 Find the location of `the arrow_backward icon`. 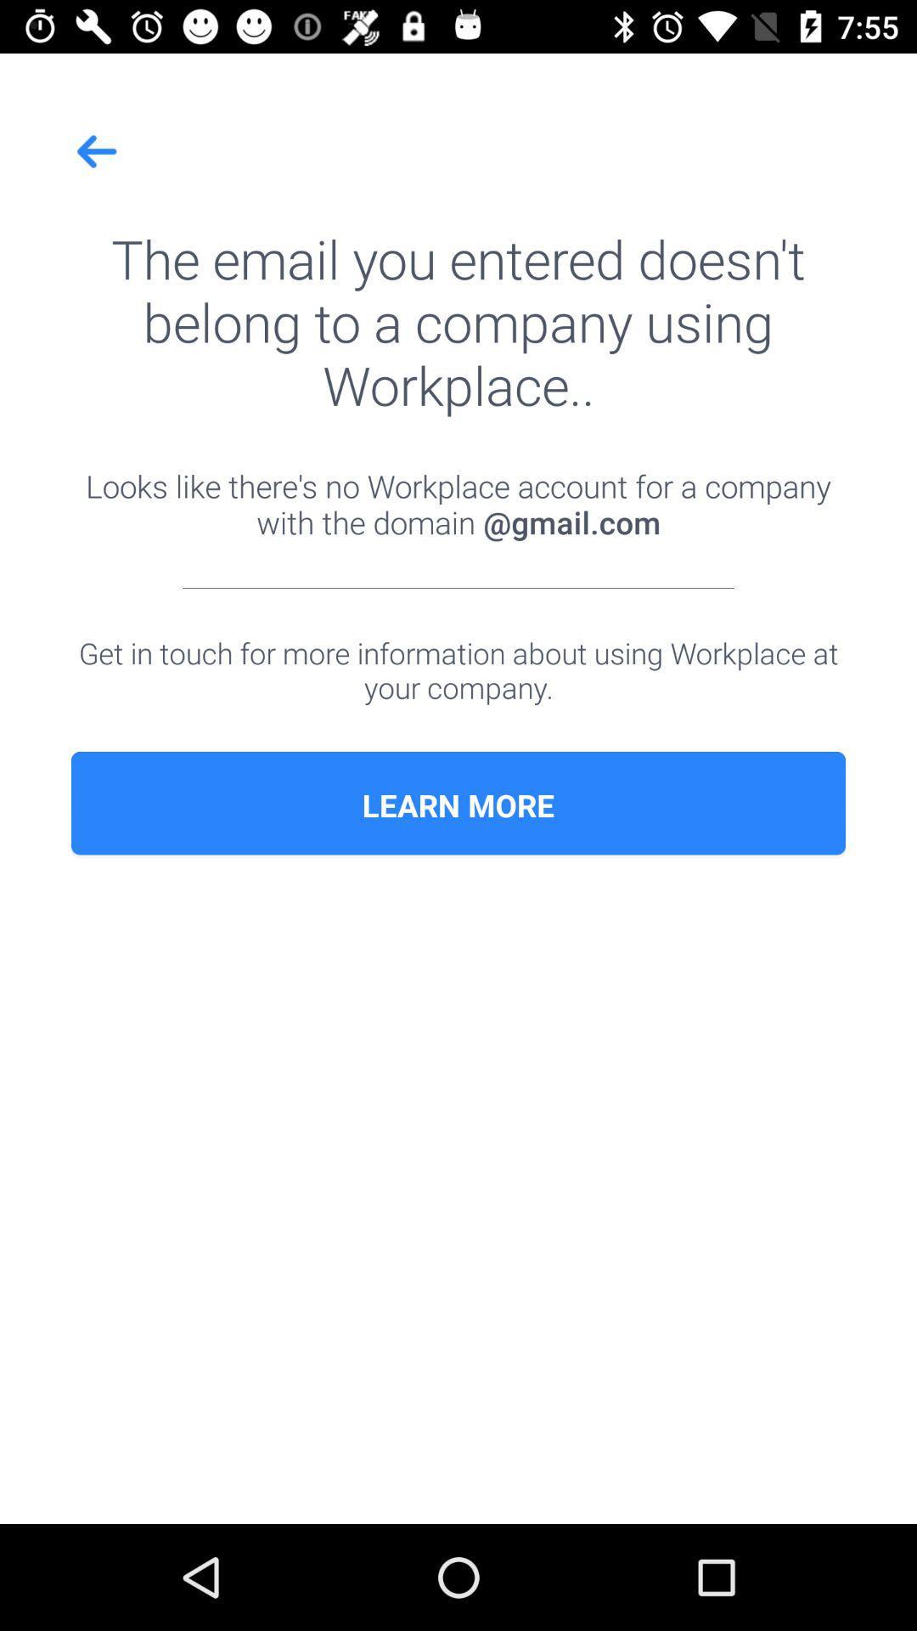

the arrow_backward icon is located at coordinates (98, 151).